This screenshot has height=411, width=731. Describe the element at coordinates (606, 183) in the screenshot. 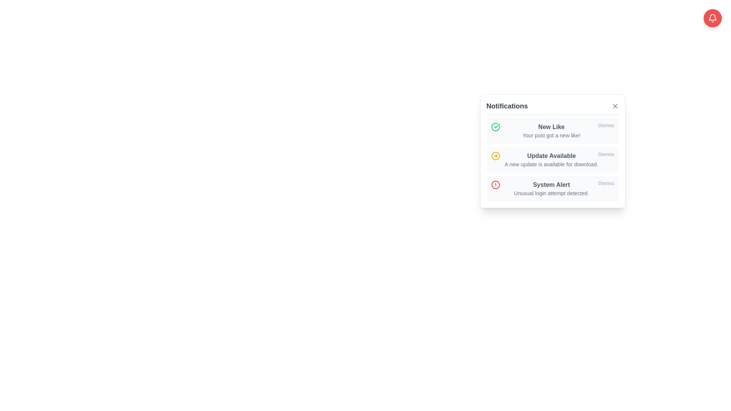

I see `the dismiss button located at the bottom-right corner of the 'System Alert' notification that indicates 'Unusual login attempt detected.'` at that location.